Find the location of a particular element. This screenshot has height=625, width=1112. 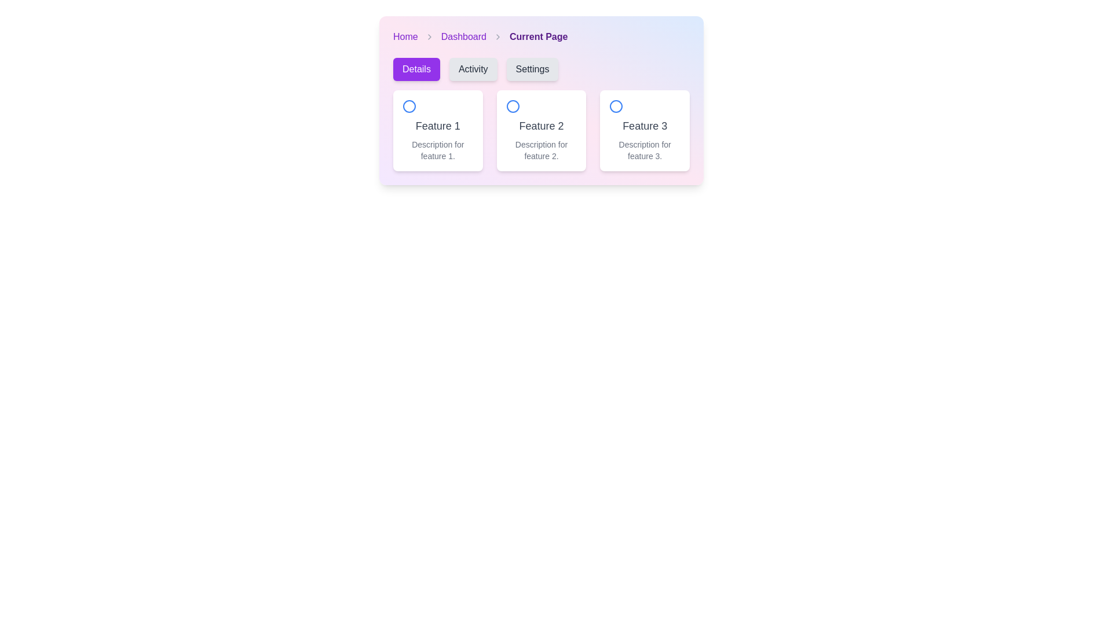

the Information card that provides details about 'Feature 2', located in the middle column of the grid layout is located at coordinates (541, 130).